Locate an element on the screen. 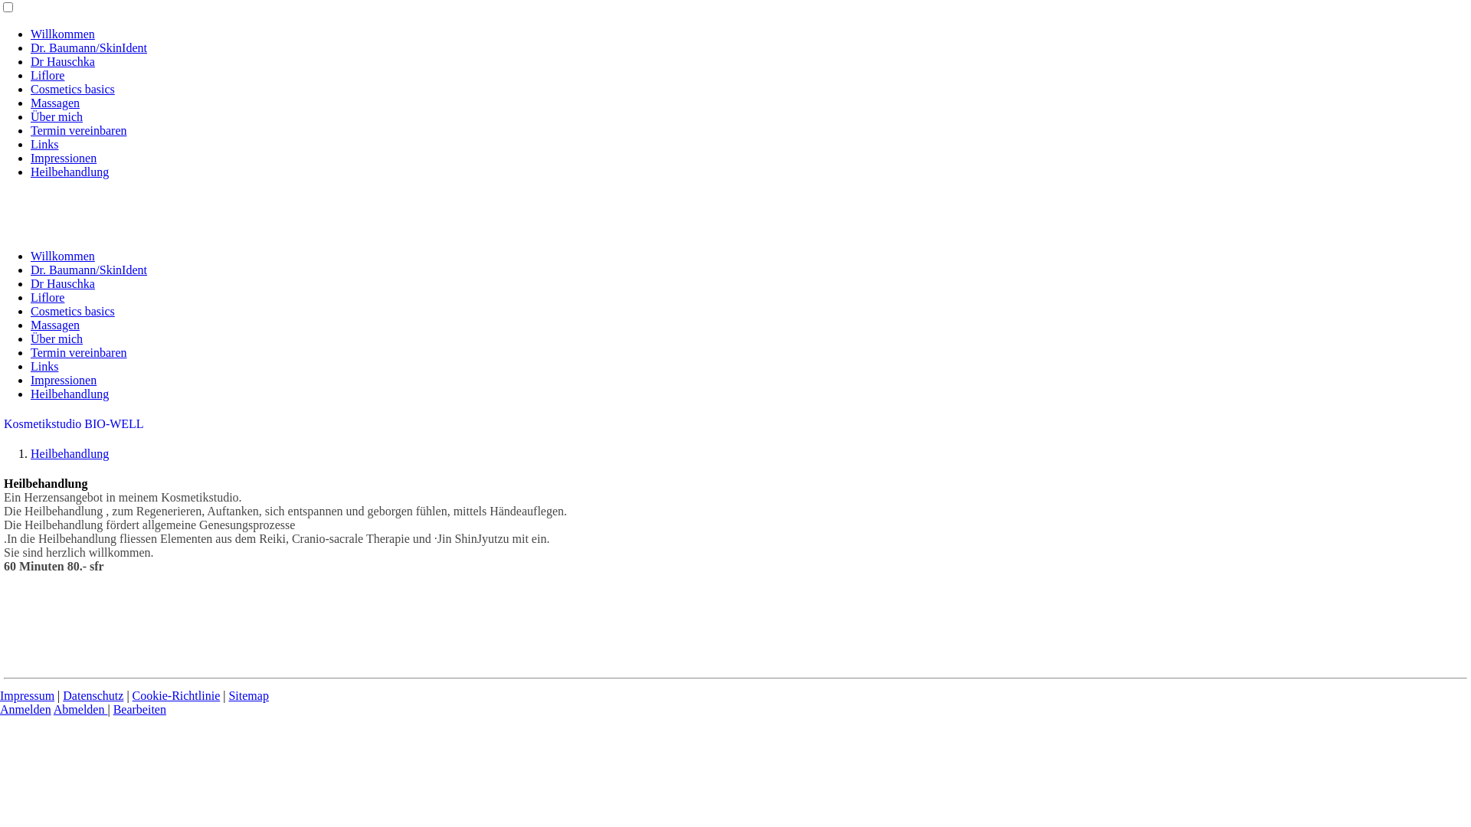  'Links' is located at coordinates (44, 144).